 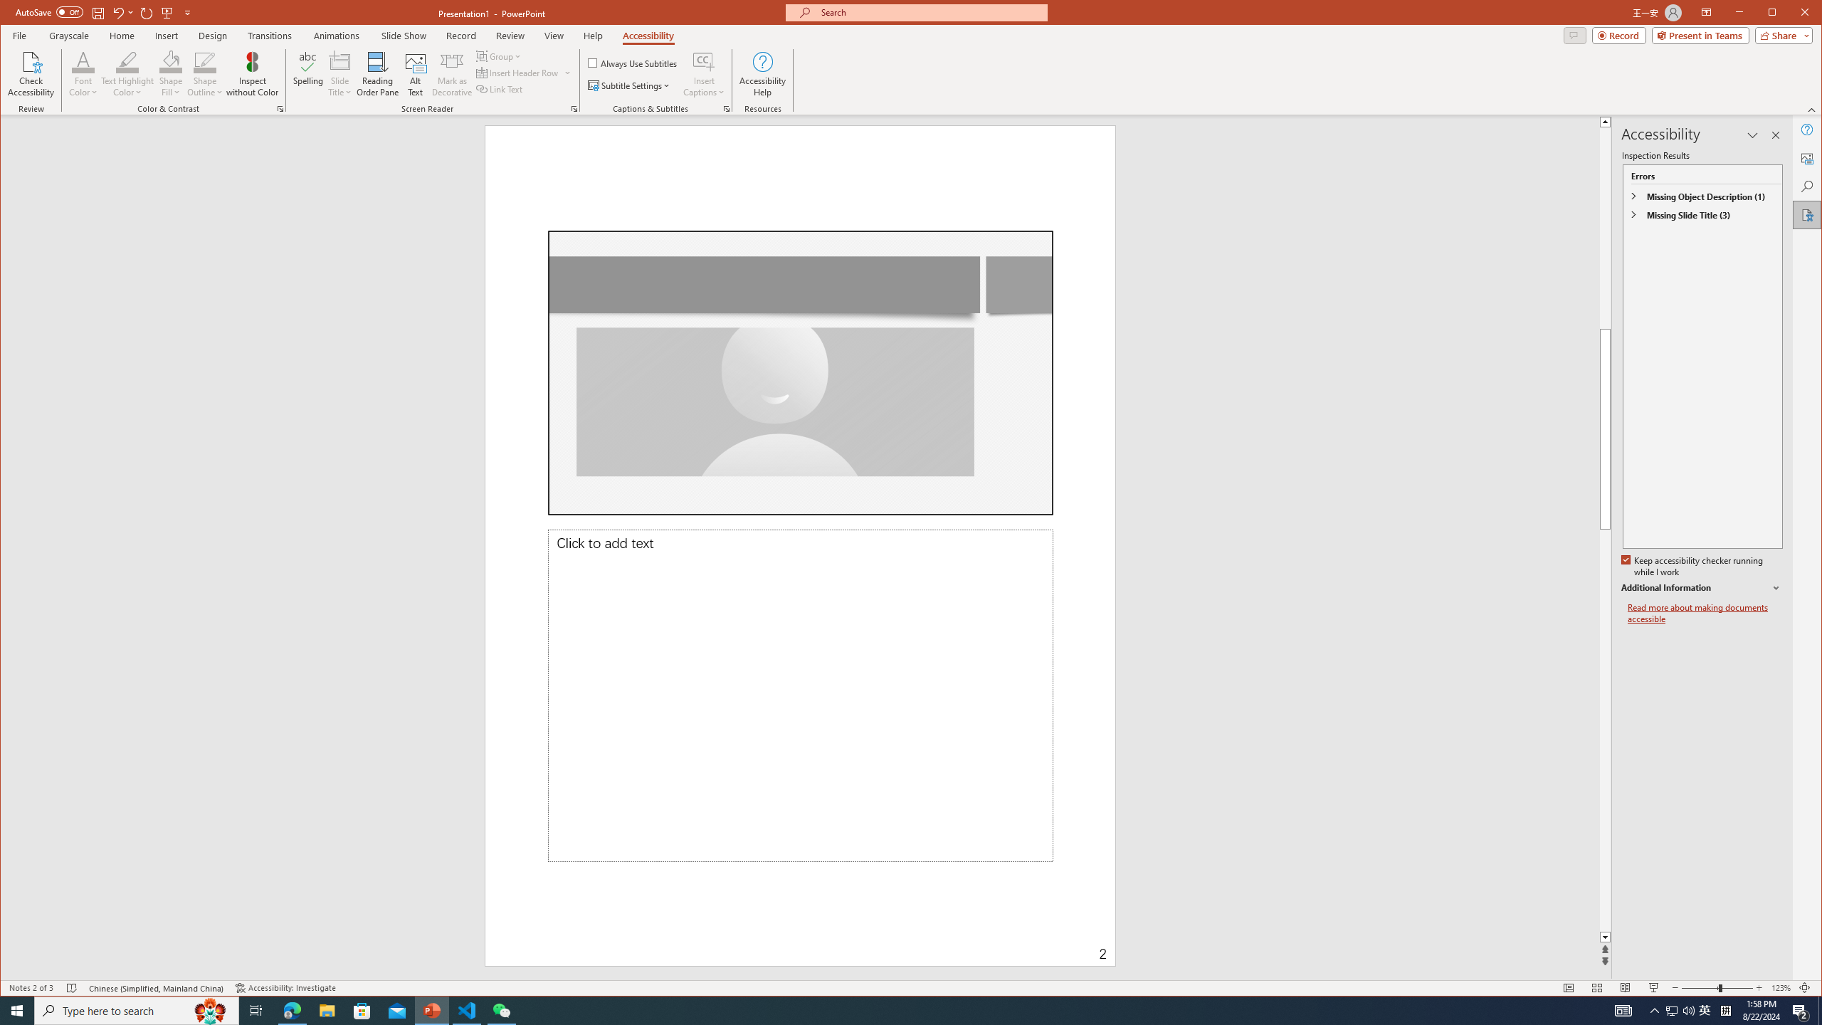 What do you see at coordinates (1807, 186) in the screenshot?
I see `'Search'` at bounding box center [1807, 186].